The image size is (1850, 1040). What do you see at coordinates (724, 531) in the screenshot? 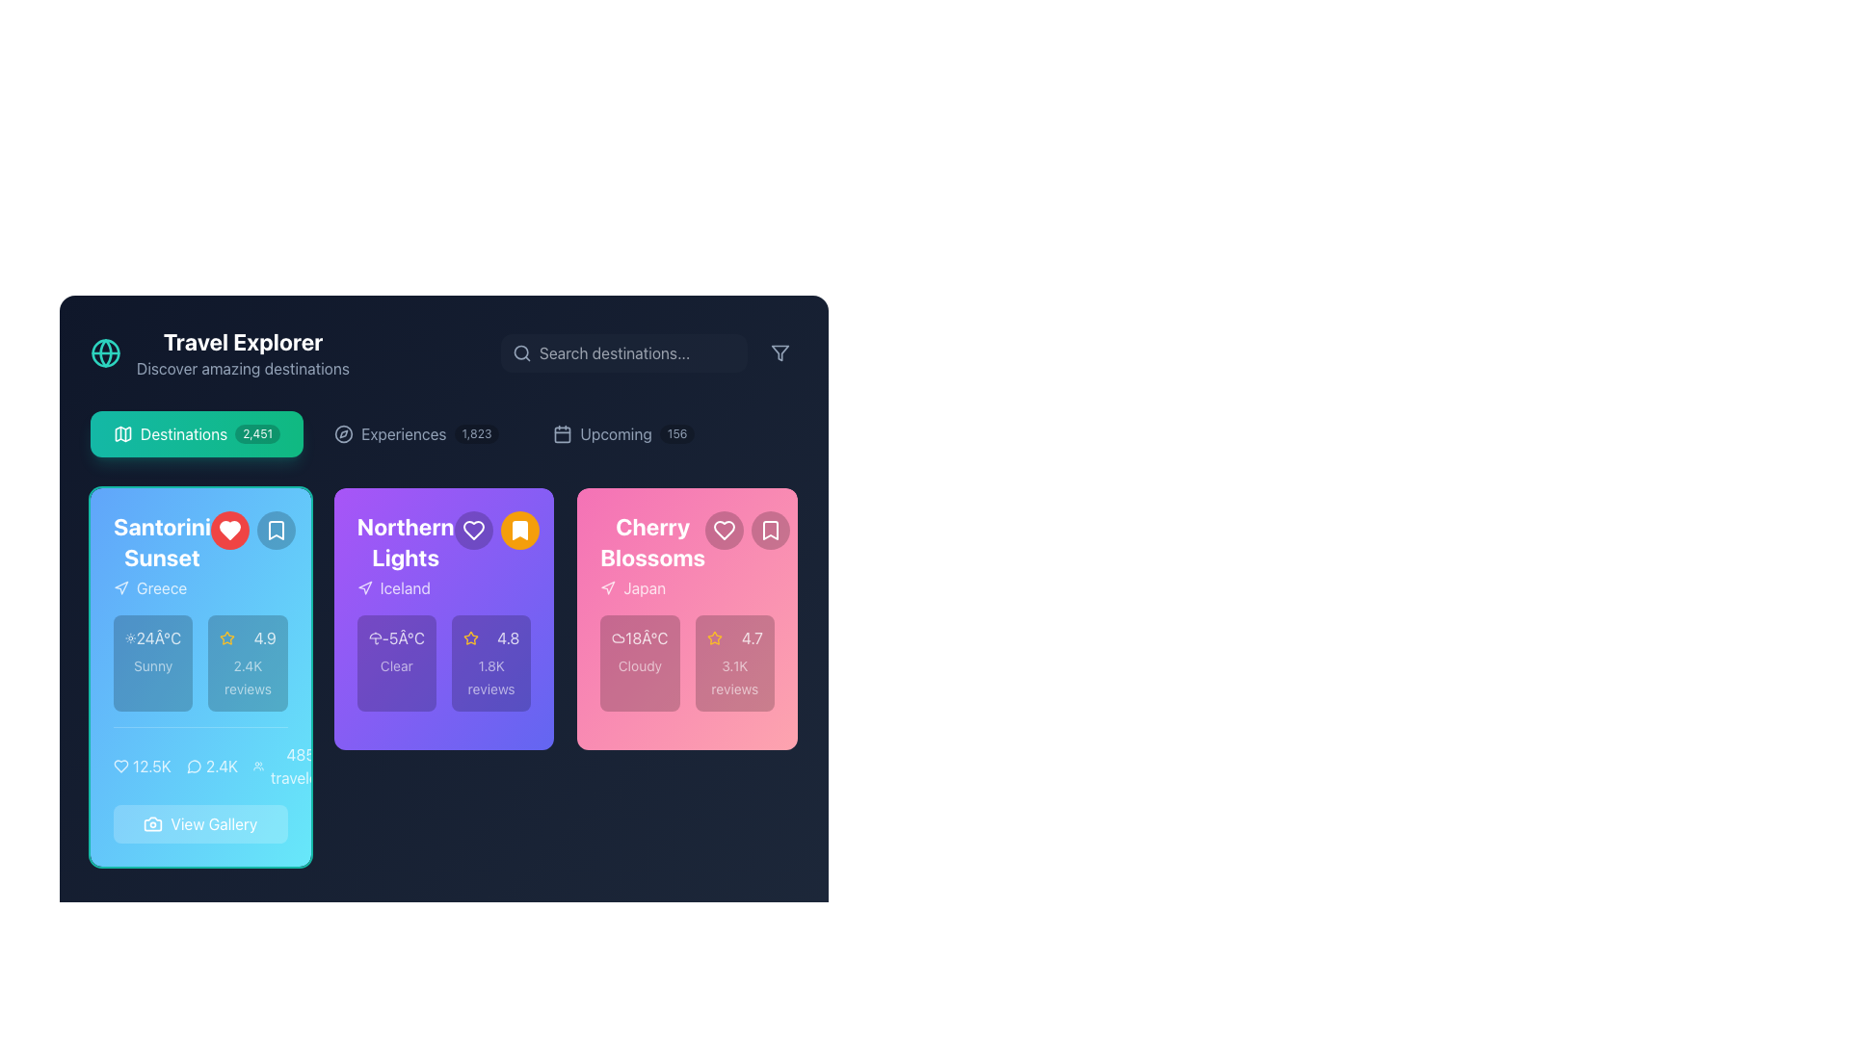
I see `the favorite or like icon button located at the top-right corner of the 'Cherry Blossoms' card` at bounding box center [724, 531].